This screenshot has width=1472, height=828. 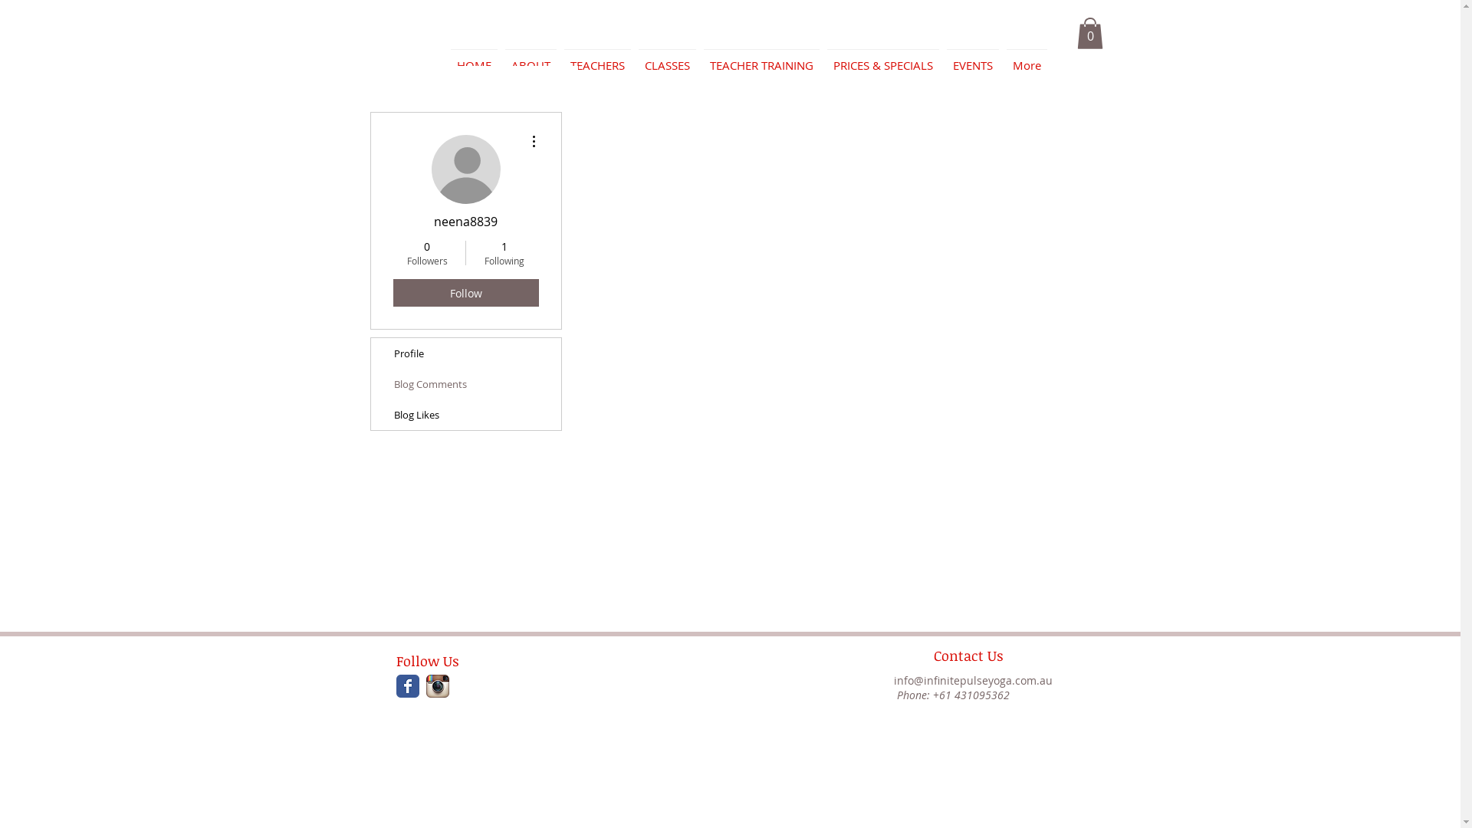 I want to click on '0', so click(x=1088, y=33).